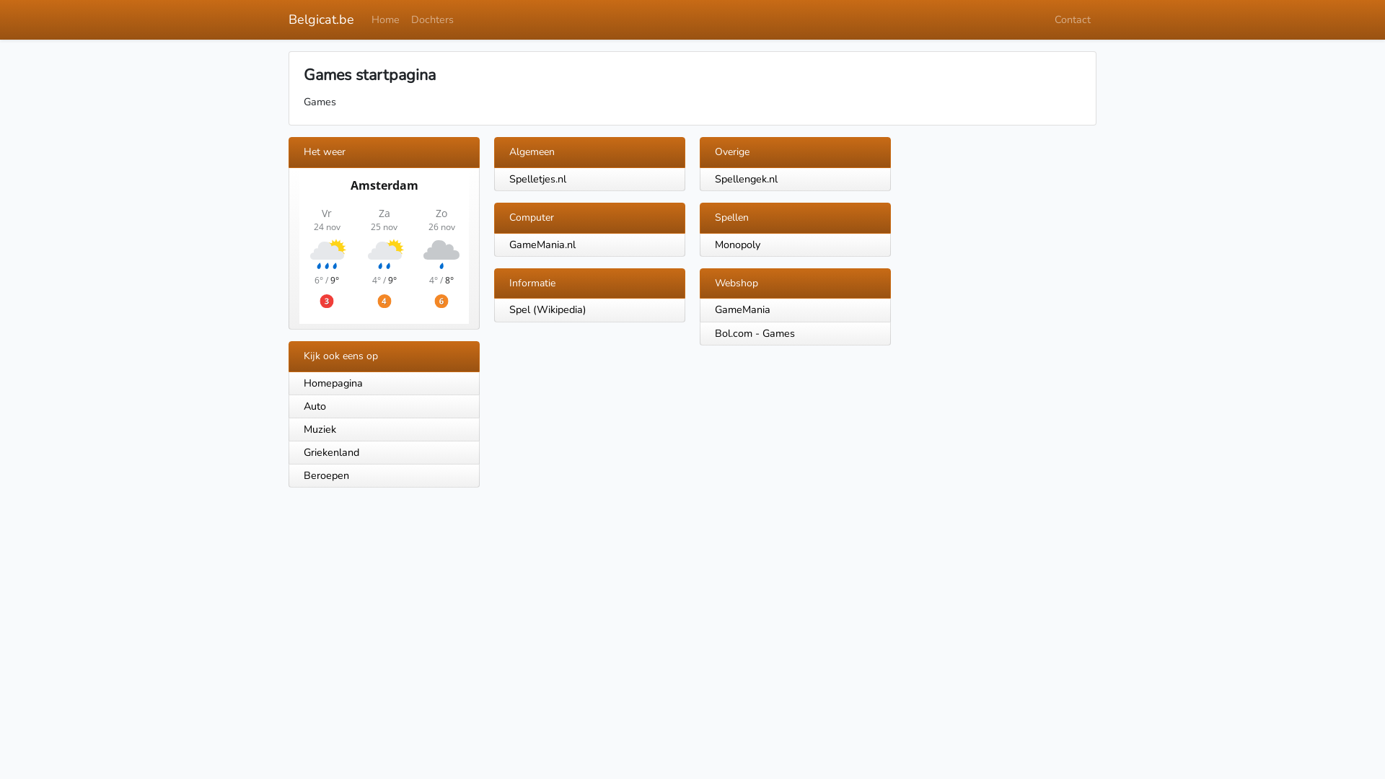  I want to click on 'Griekenland', so click(288, 452).